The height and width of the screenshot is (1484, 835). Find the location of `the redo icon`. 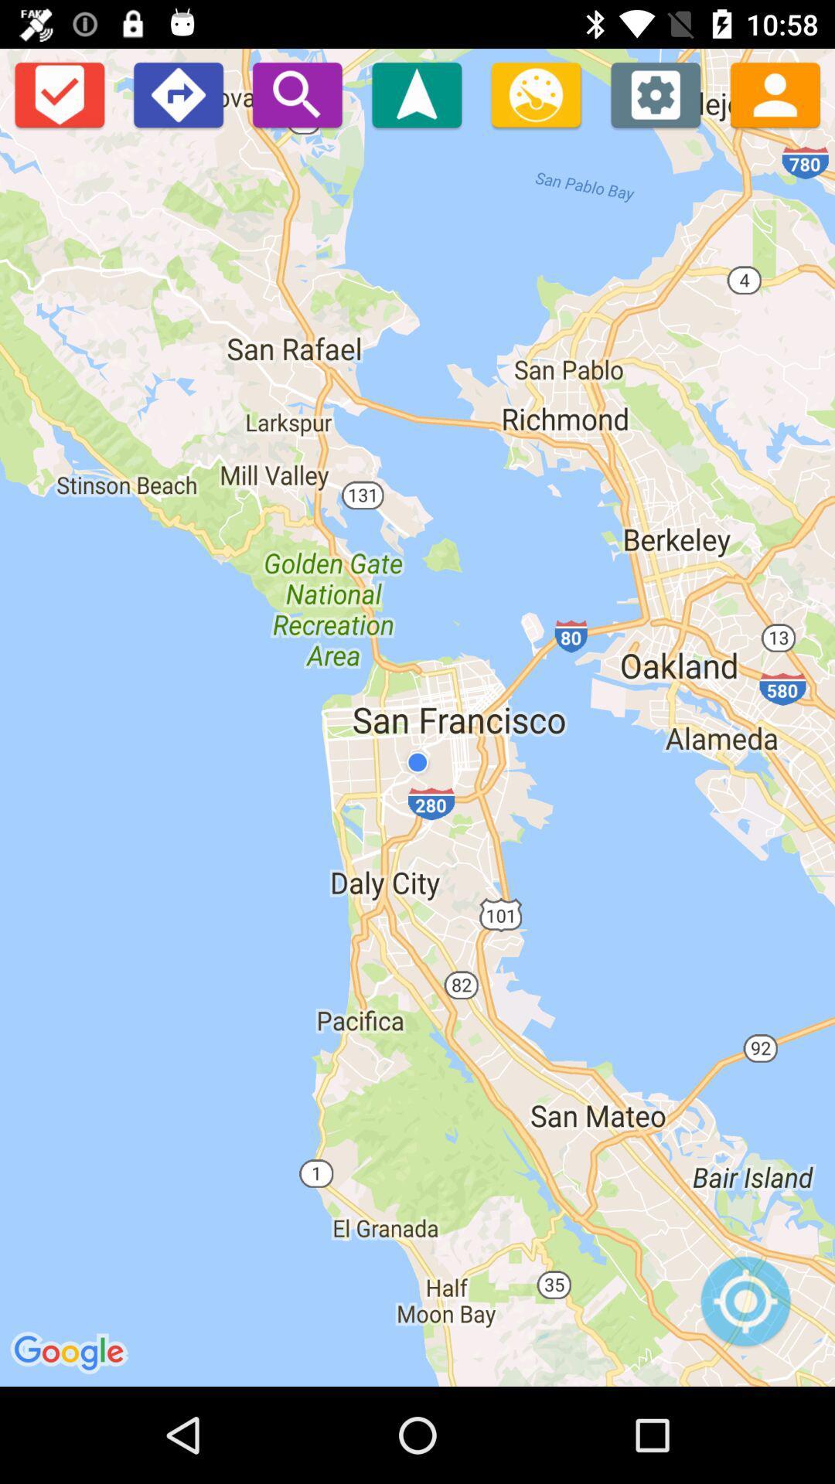

the redo icon is located at coordinates (177, 94).